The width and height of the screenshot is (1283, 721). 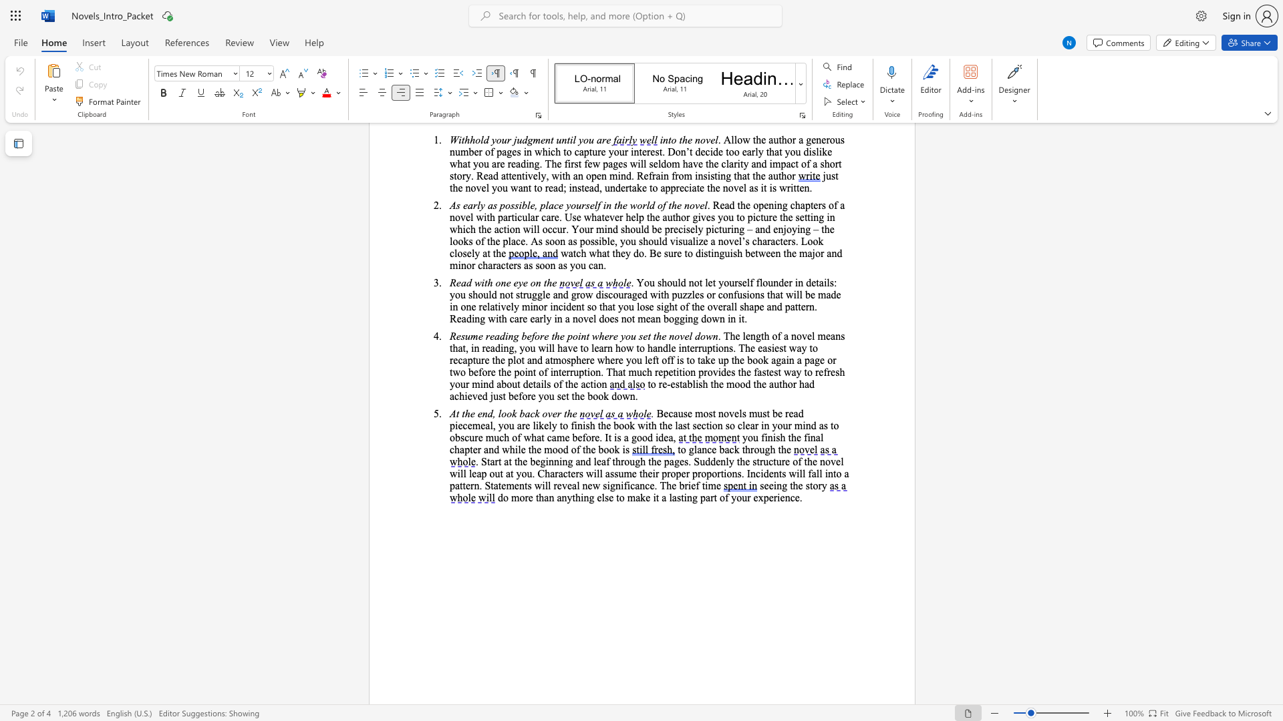 What do you see at coordinates (780, 437) in the screenshot?
I see `the subset text "h th" within the text "you finish the"` at bounding box center [780, 437].